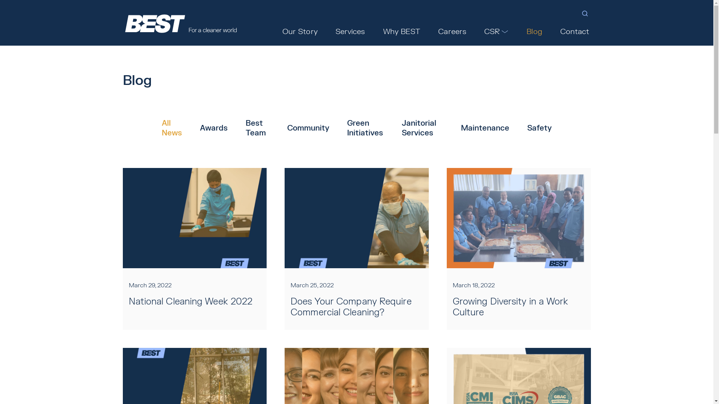 The width and height of the screenshot is (719, 404). What do you see at coordinates (401, 31) in the screenshot?
I see `'Why BEST'` at bounding box center [401, 31].